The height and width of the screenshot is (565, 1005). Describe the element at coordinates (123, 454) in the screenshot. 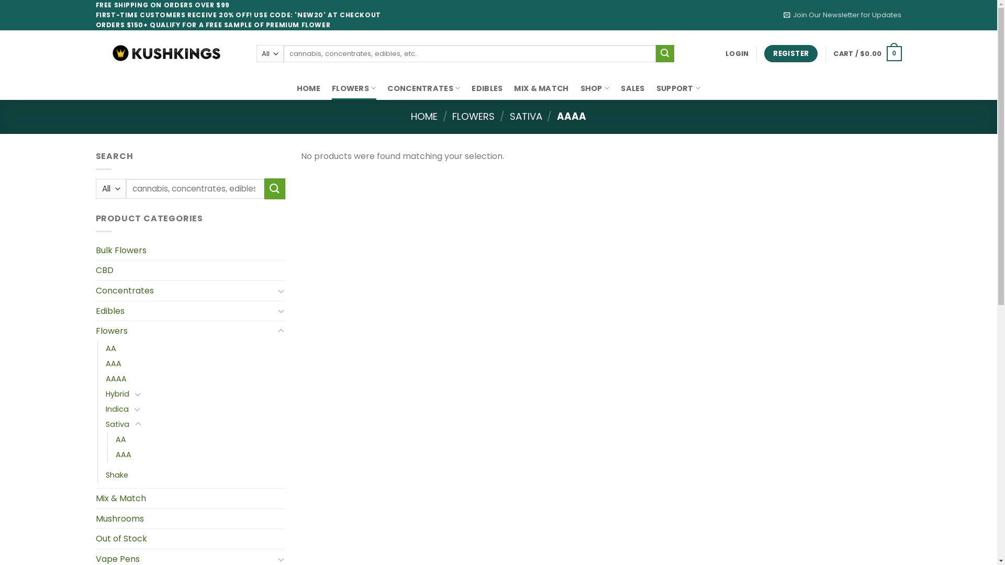

I see `'AAA'` at that location.